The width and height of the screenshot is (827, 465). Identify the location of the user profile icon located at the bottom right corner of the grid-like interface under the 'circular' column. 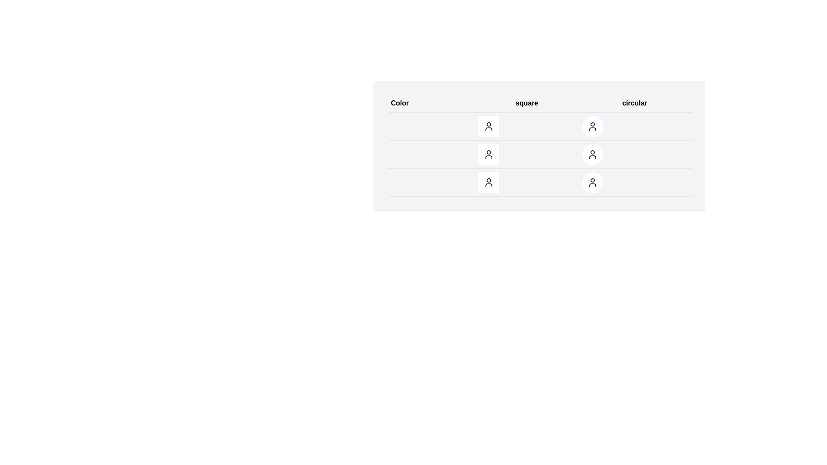
(592, 182).